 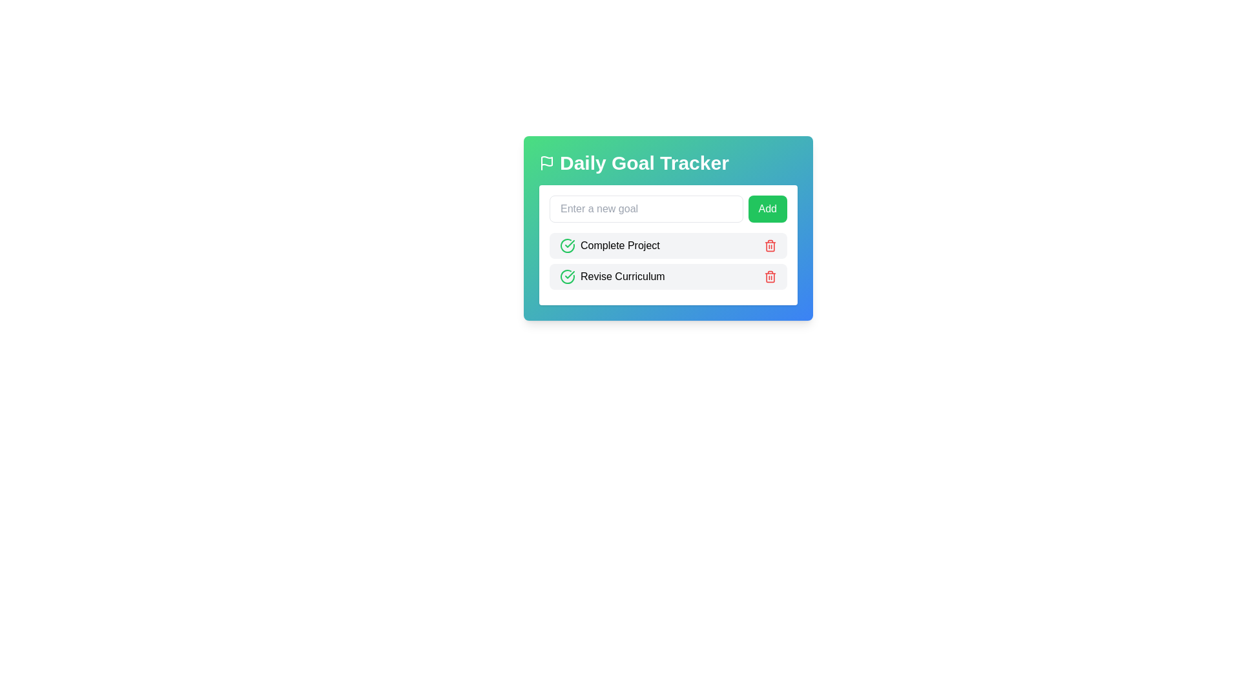 I want to click on the green circular icon with a tick to mark the task as complete, located to the left of the 'Complete Project' text, so click(x=567, y=246).